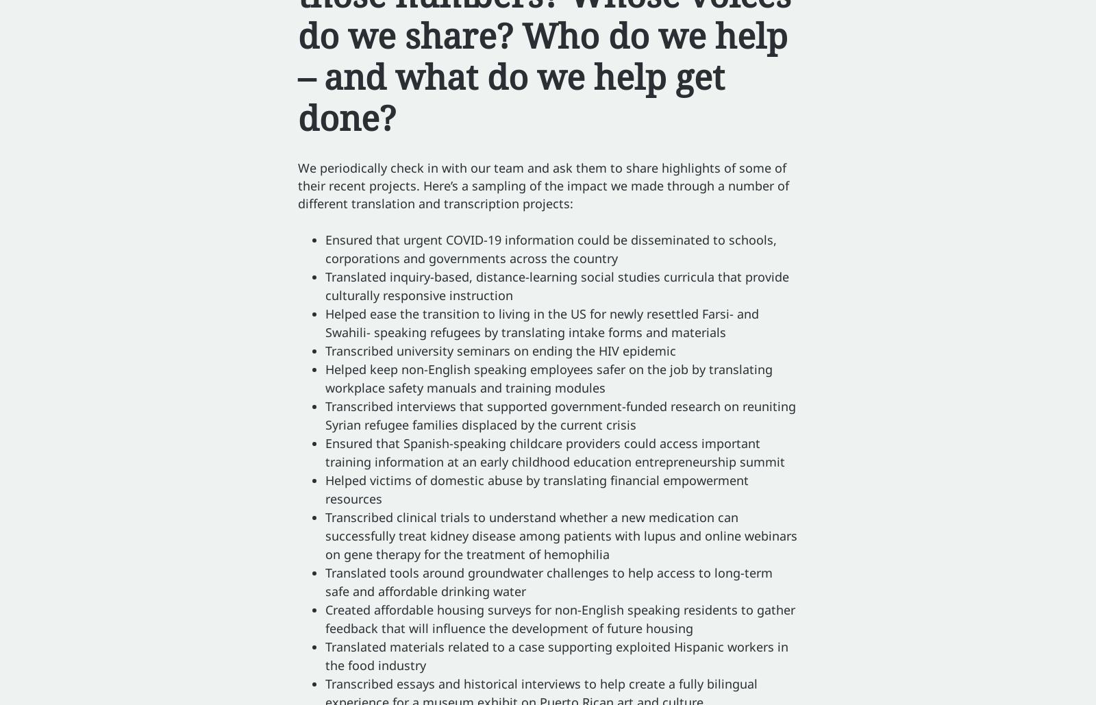 This screenshot has height=705, width=1096. Describe the element at coordinates (537, 488) in the screenshot. I see `'Helped victims of domestic abuse by translating financial empowerment resources'` at that location.